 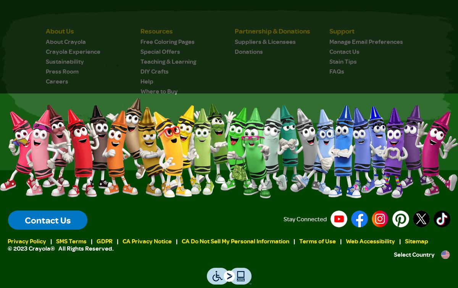 What do you see at coordinates (147, 81) in the screenshot?
I see `'Help'` at bounding box center [147, 81].